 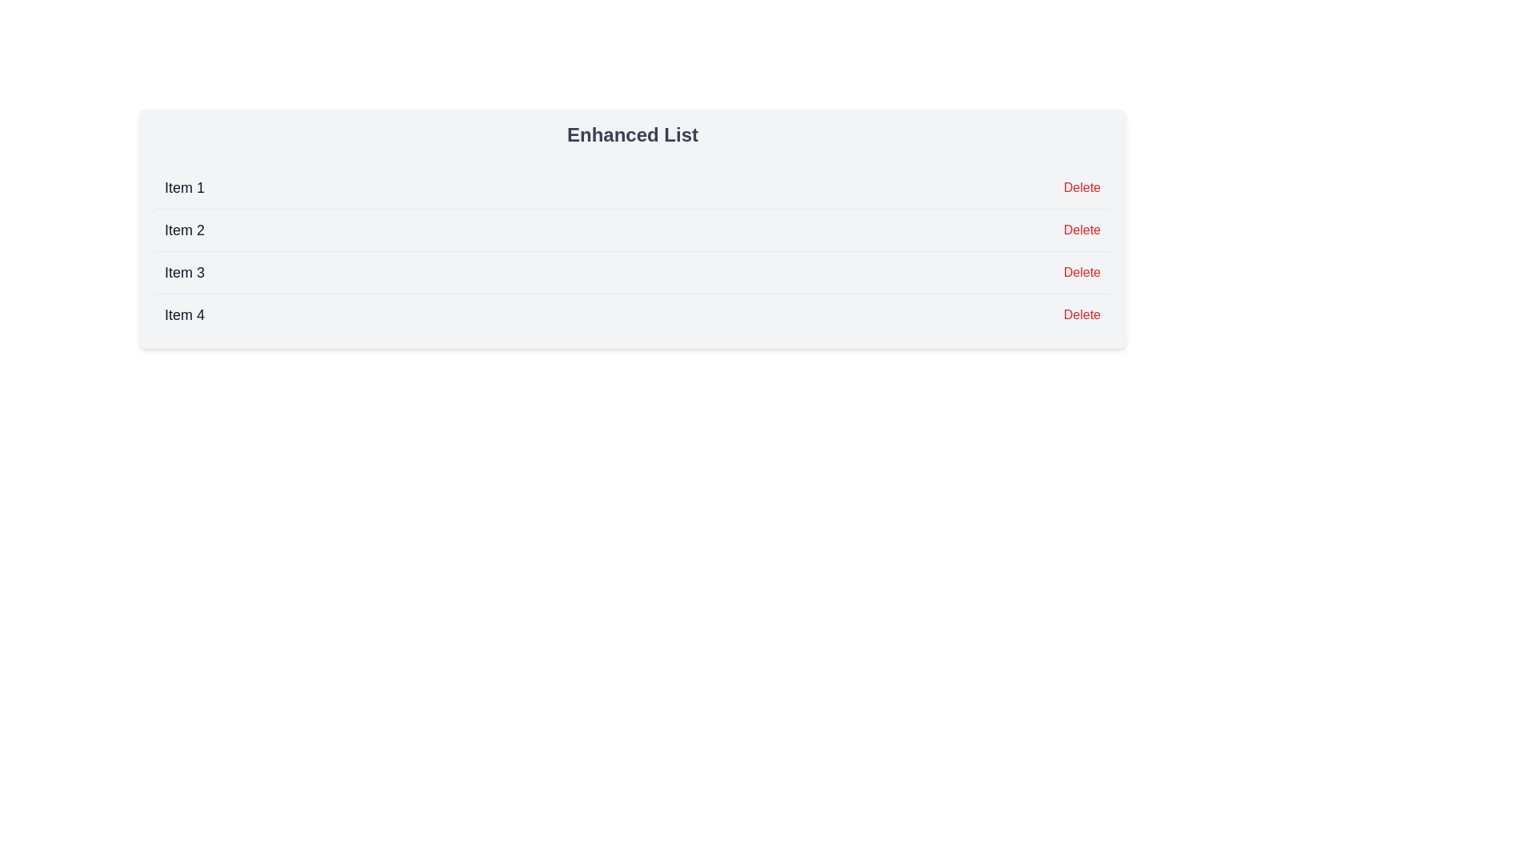 I want to click on the 'Item 4' text label, which is displayed in bold font within the 'Enhanced List' structure, located before the 'Delete' button, so click(x=184, y=314).